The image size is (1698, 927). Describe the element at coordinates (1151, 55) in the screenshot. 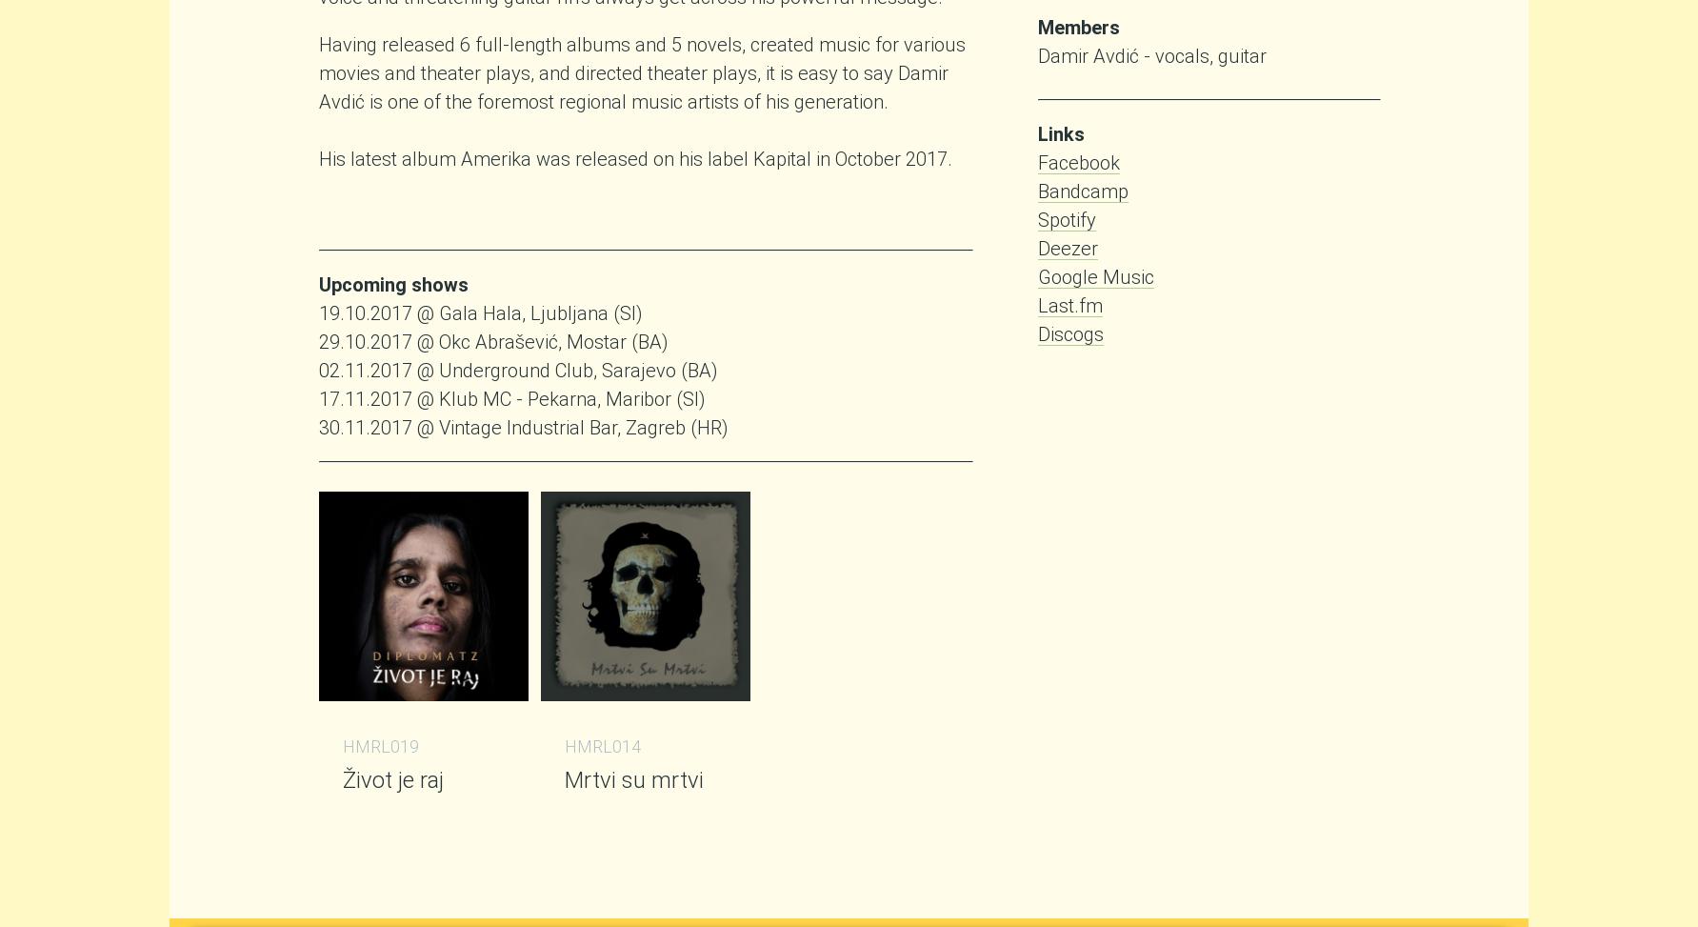

I see `'Damir Avdić - vocals, guitar'` at that location.